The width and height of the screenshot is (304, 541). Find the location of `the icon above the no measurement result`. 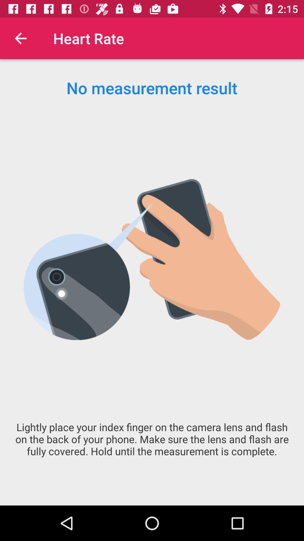

the icon above the no measurement result is located at coordinates (20, 38).